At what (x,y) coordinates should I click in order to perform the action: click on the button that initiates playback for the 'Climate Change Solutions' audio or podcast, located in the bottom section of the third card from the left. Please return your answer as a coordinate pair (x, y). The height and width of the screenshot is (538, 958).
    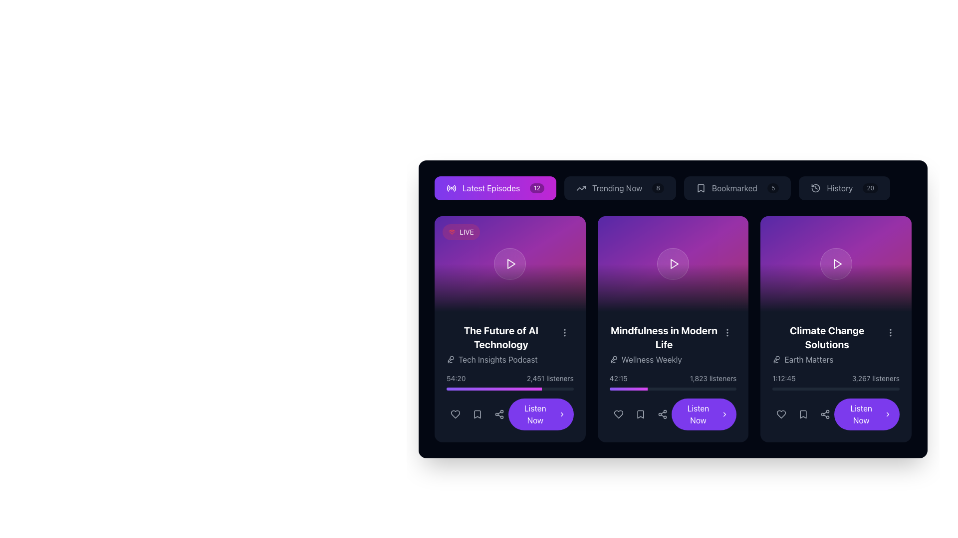
    Looking at the image, I should click on (866, 414).